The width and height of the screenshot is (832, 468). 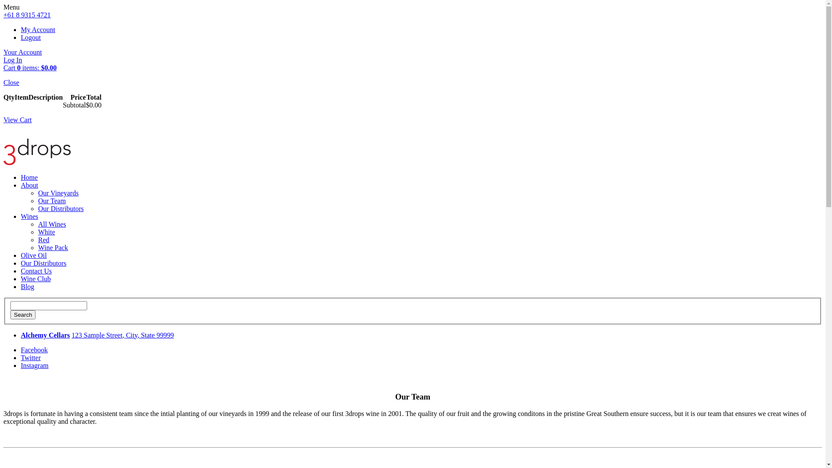 What do you see at coordinates (33, 255) in the screenshot?
I see `'Olive Oil'` at bounding box center [33, 255].